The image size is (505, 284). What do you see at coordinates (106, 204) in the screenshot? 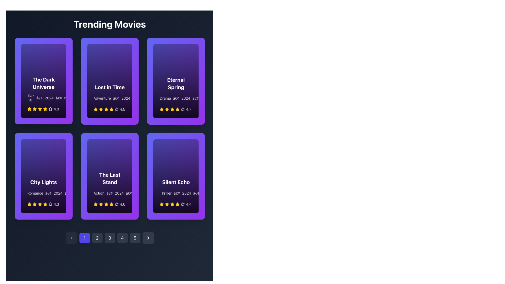
I see `the state of the fourth star icon in the five-star rating system below the movie card titled 'The Last Stand'` at bounding box center [106, 204].